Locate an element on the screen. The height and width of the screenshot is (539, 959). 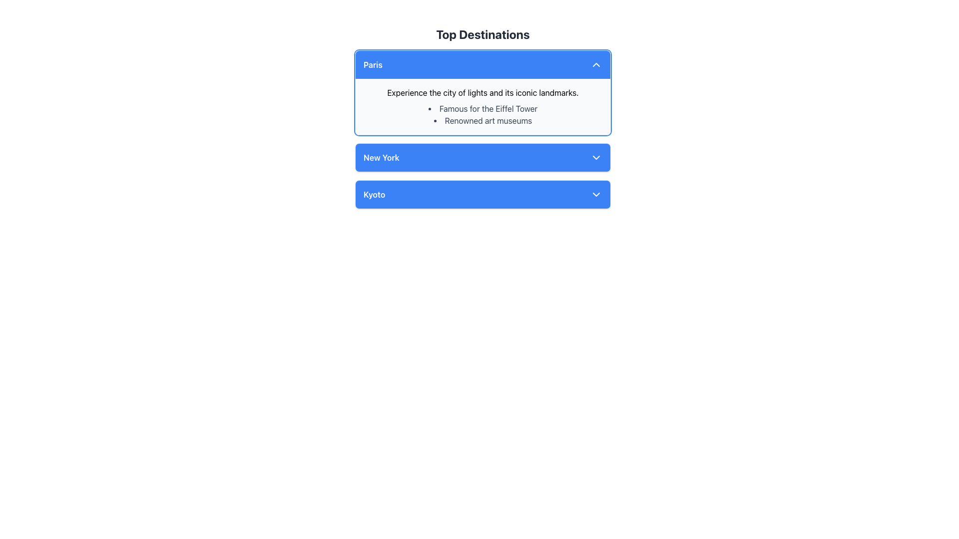
the Chevron Down icon located on the far-right side of the blue bar labeled 'Kyoto' is located at coordinates (596, 194).